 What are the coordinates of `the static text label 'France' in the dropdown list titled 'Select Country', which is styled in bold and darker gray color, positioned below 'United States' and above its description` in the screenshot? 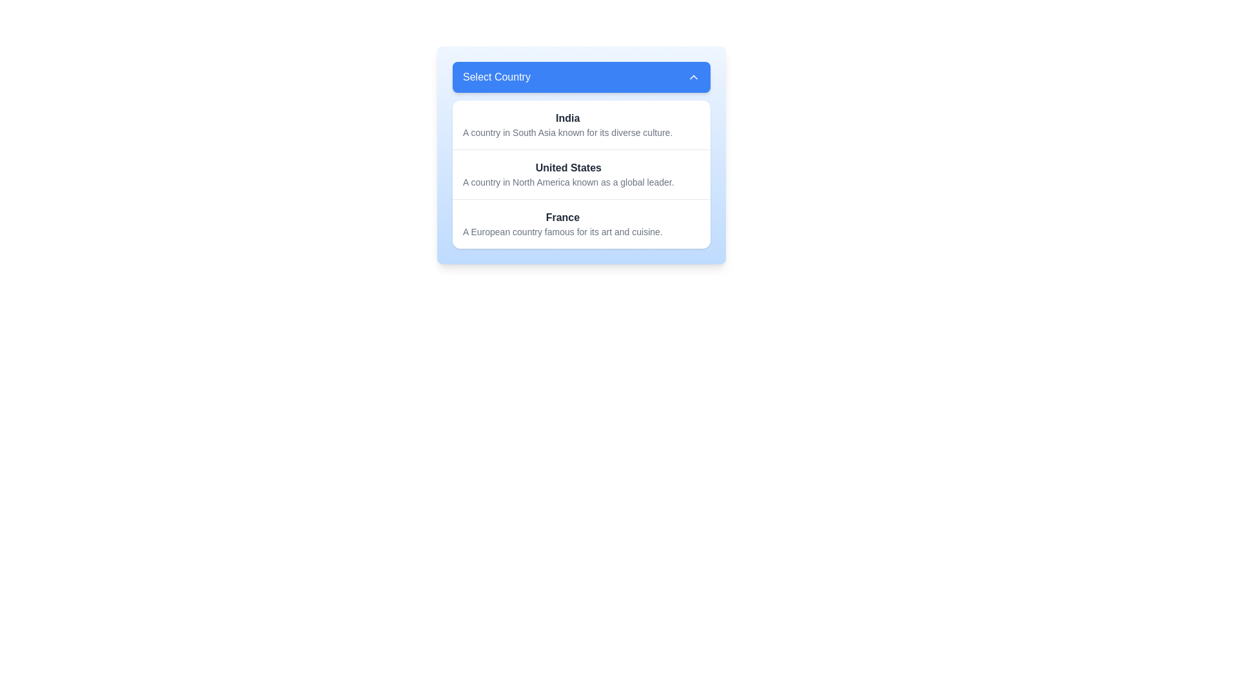 It's located at (562, 217).